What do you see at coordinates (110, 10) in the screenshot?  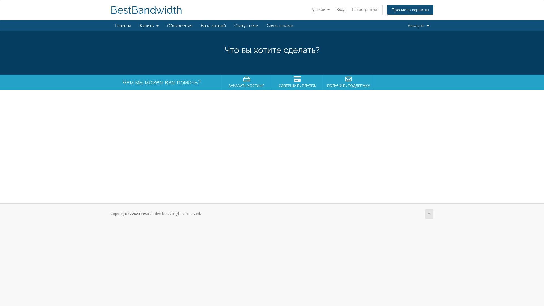 I see `'BestBandwidth'` at bounding box center [110, 10].